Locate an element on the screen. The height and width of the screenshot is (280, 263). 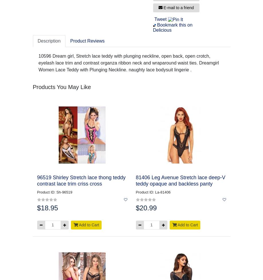
'Bookmark this on Delicious' is located at coordinates (172, 27).